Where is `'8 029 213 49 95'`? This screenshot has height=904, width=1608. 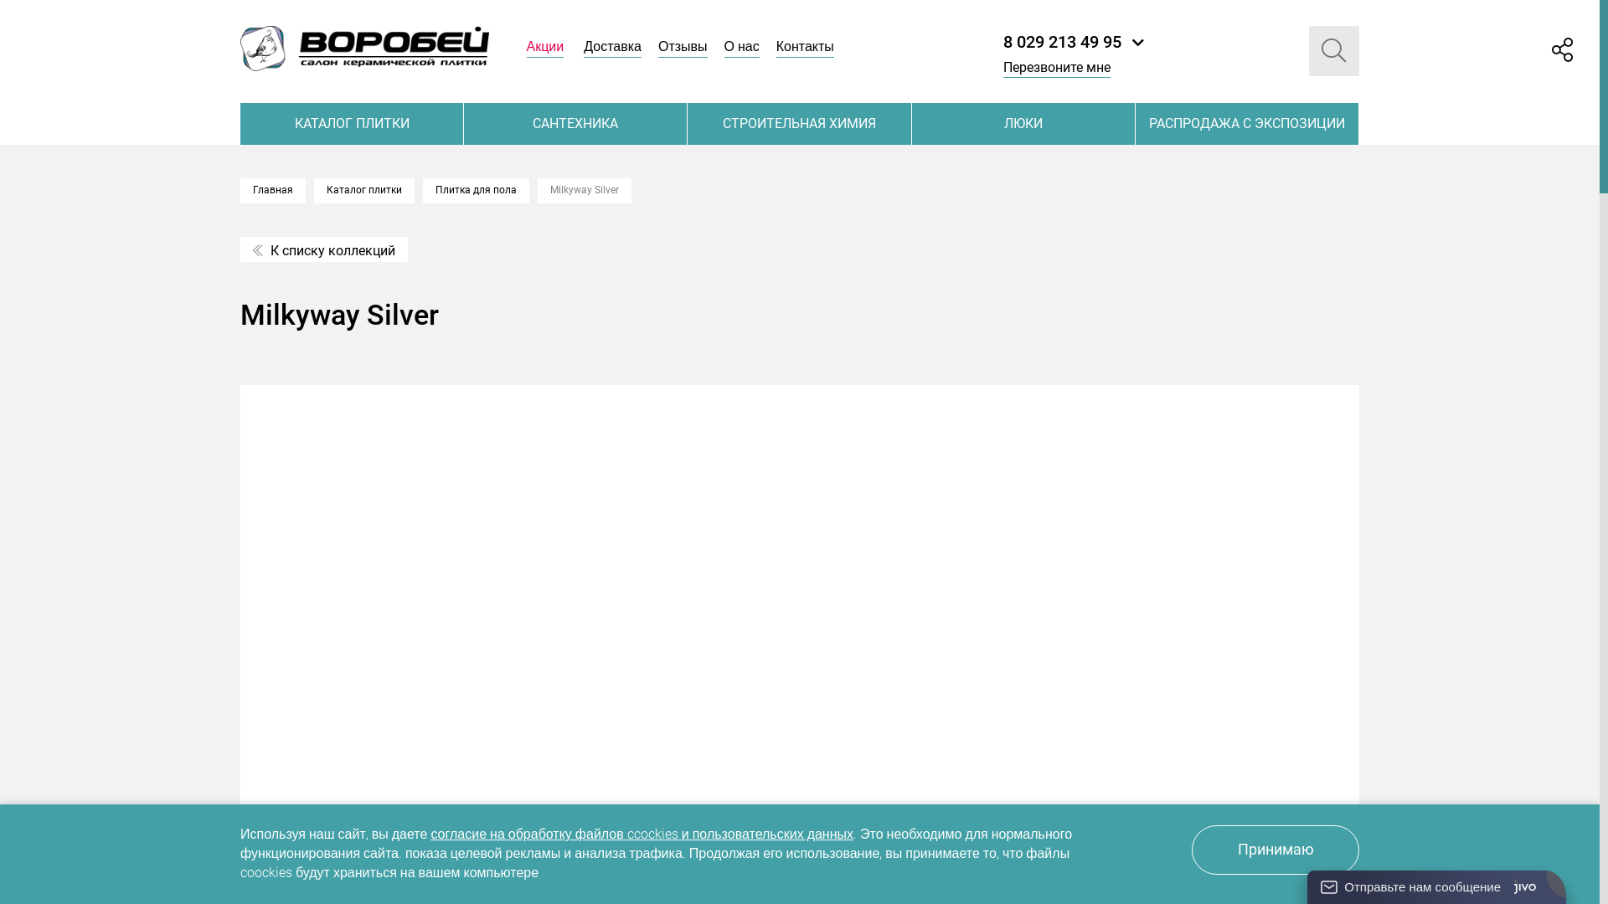
'8 029 213 49 95' is located at coordinates (1073, 41).